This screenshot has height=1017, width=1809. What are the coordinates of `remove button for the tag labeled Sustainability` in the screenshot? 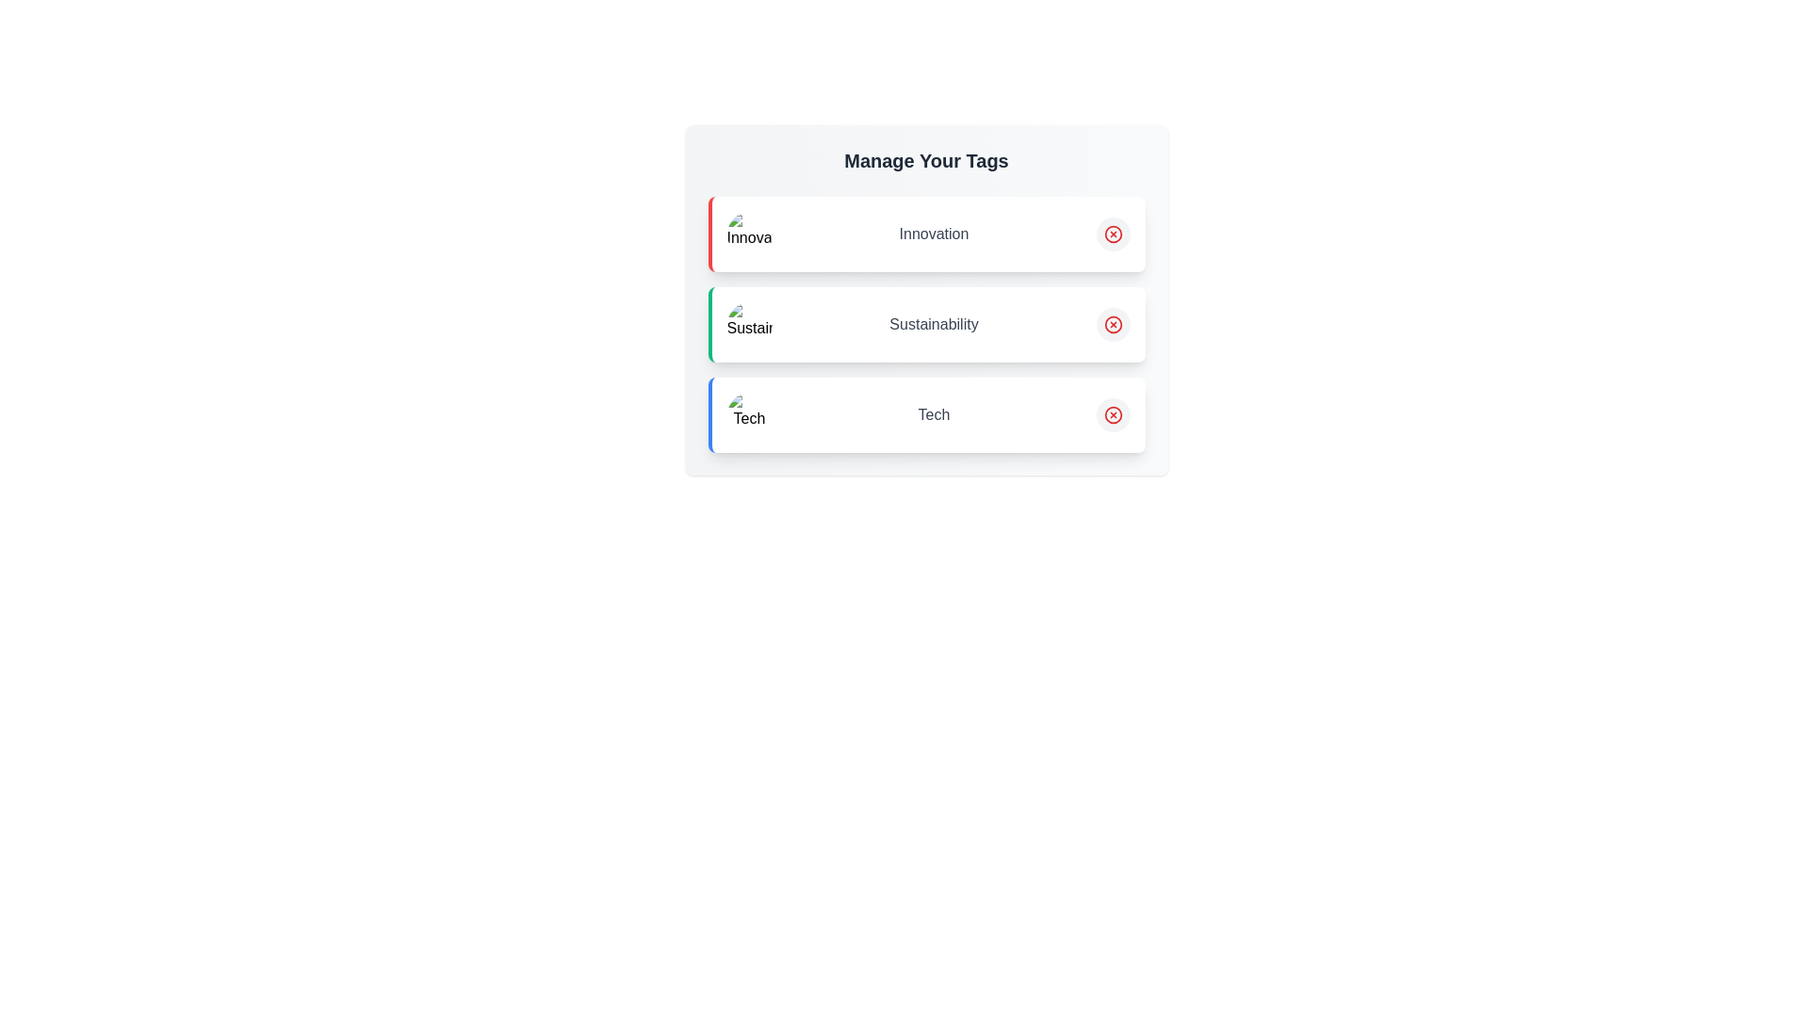 It's located at (1113, 323).